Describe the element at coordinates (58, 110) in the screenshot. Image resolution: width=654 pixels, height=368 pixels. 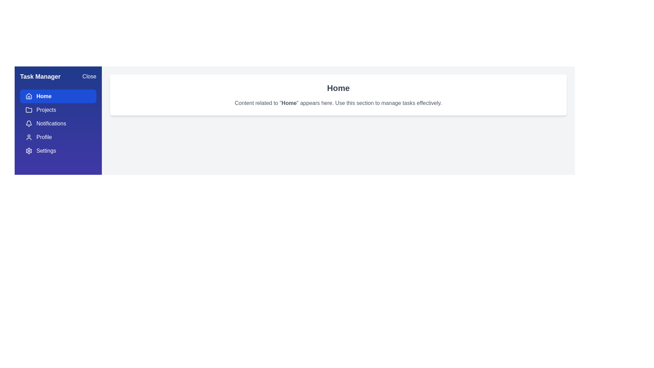
I see `the menu item Projects to view its content` at that location.